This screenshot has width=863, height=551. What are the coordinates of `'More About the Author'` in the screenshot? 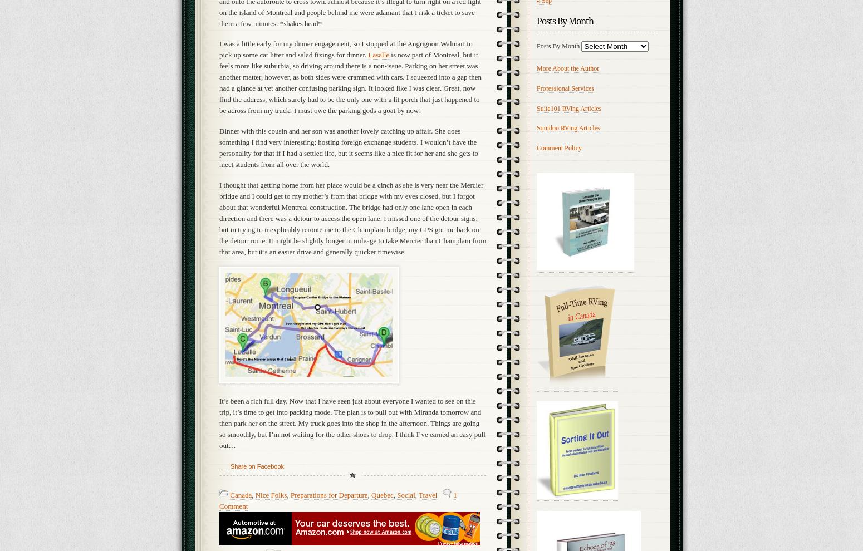 It's located at (568, 67).